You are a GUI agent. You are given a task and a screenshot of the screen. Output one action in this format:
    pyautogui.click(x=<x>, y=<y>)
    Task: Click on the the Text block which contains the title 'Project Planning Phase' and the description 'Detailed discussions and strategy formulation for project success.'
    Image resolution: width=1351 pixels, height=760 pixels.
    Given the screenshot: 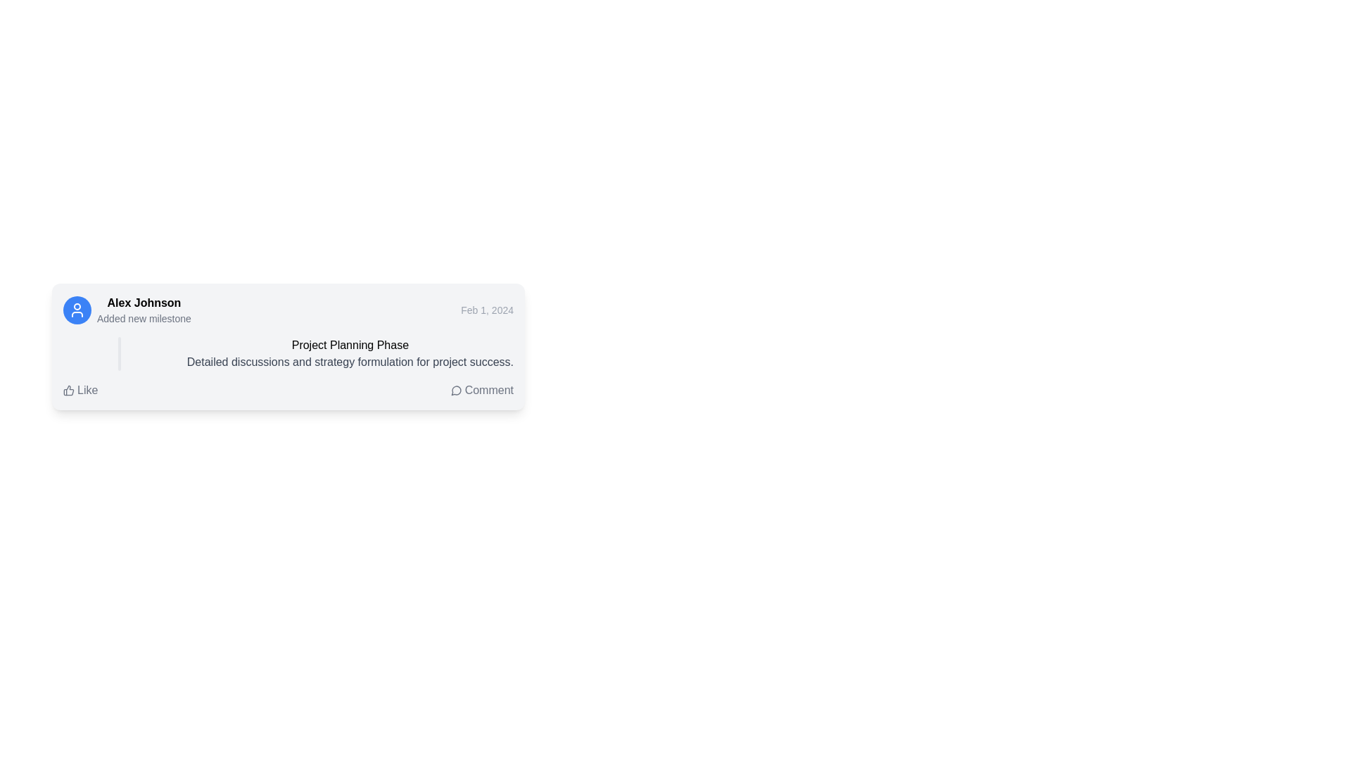 What is the action you would take?
    pyautogui.click(x=287, y=353)
    